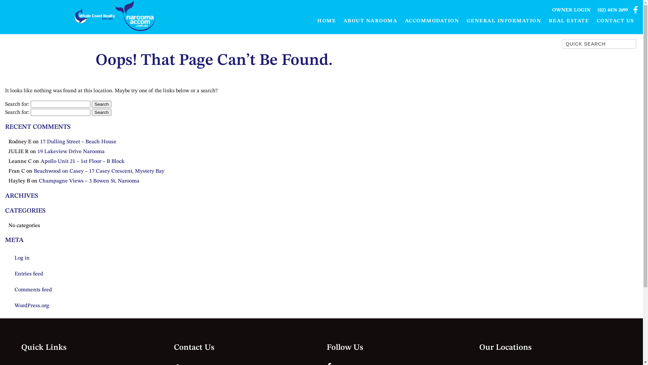  Describe the element at coordinates (615, 21) in the screenshot. I see `'CONTACT US'` at that location.